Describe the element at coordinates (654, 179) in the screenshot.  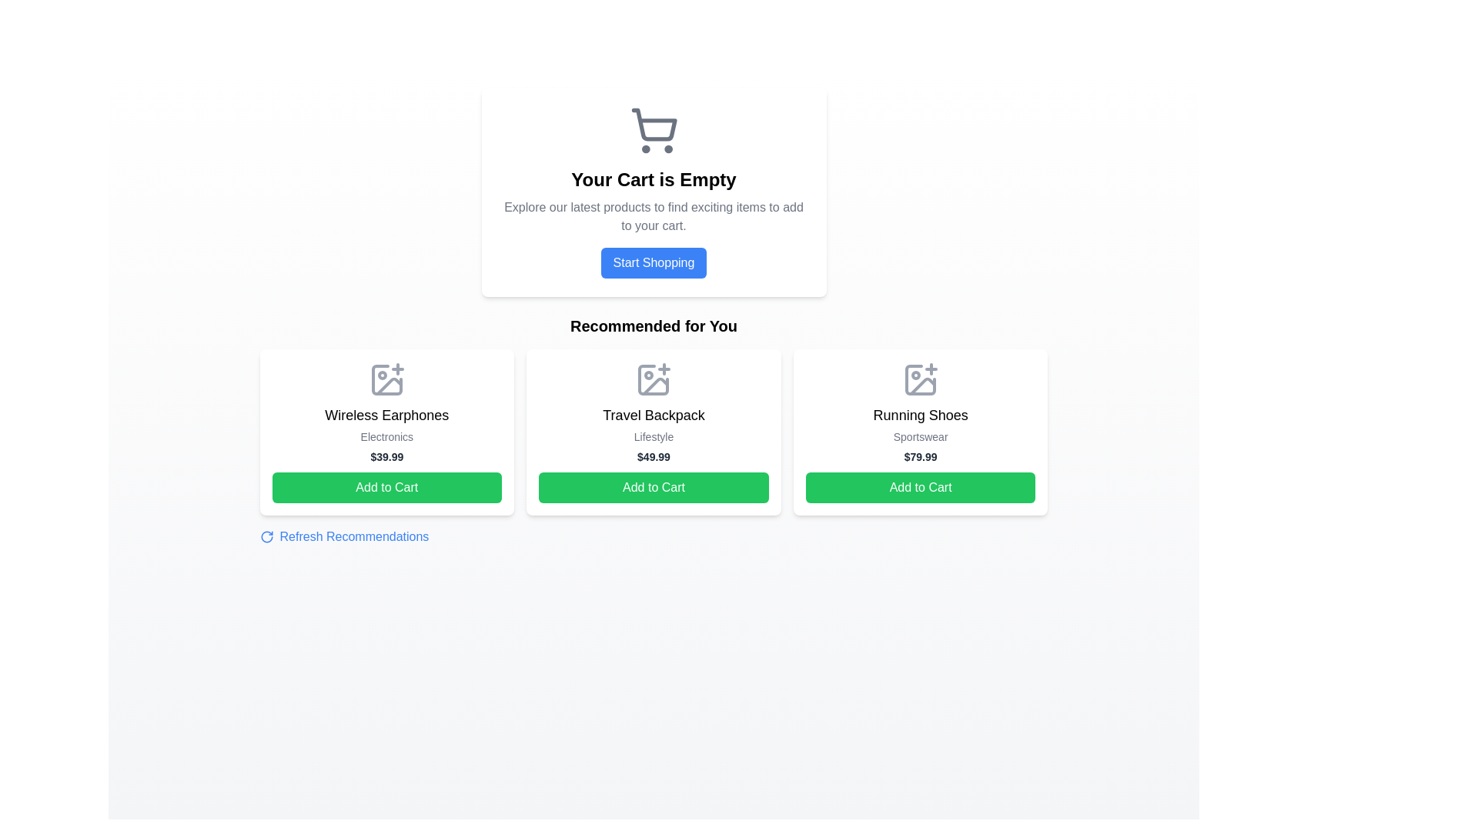
I see `the static text displaying 'Your Cart is Empty'` at that location.